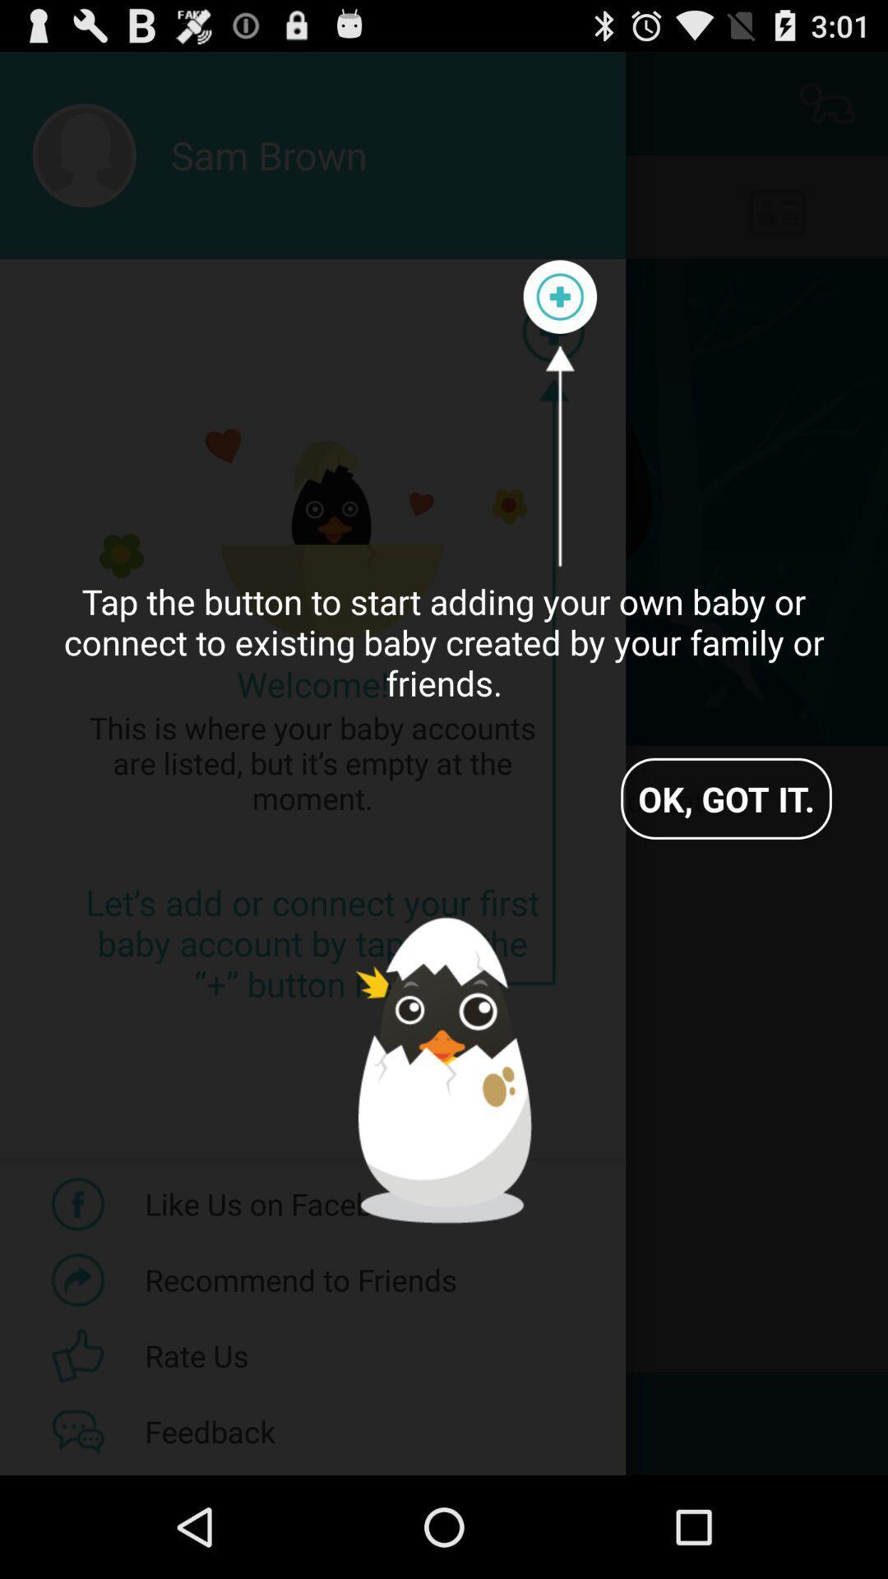 The height and width of the screenshot is (1579, 888). I want to click on something, so click(559, 297).